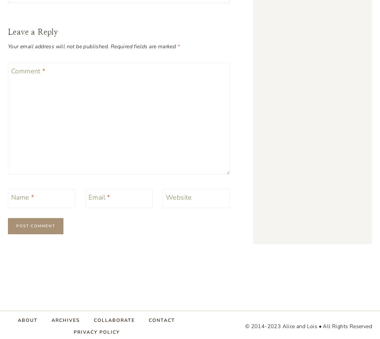  What do you see at coordinates (21, 197) in the screenshot?
I see `'Name'` at bounding box center [21, 197].